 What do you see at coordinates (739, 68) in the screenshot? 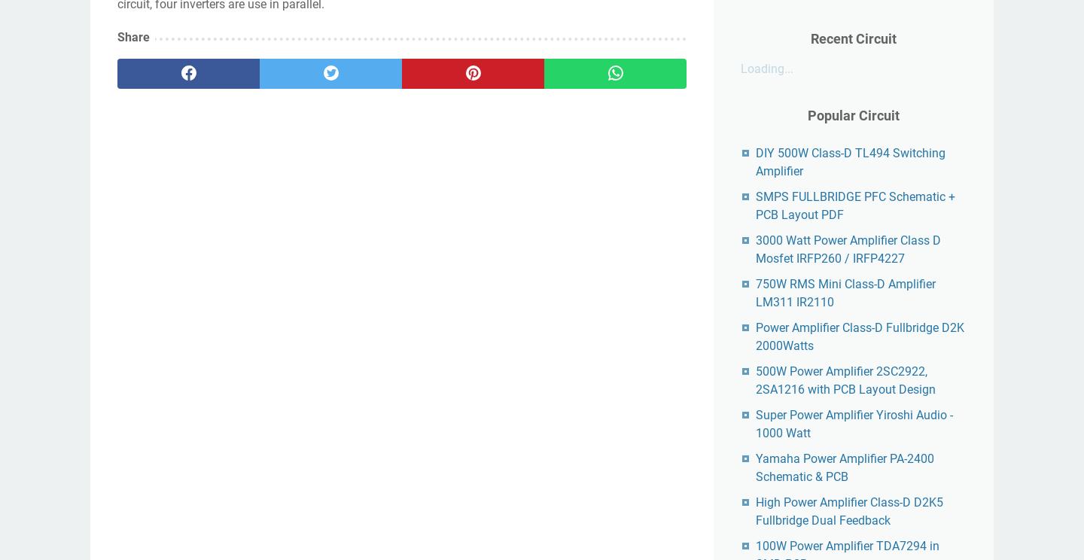
I see `'Loading...'` at bounding box center [739, 68].